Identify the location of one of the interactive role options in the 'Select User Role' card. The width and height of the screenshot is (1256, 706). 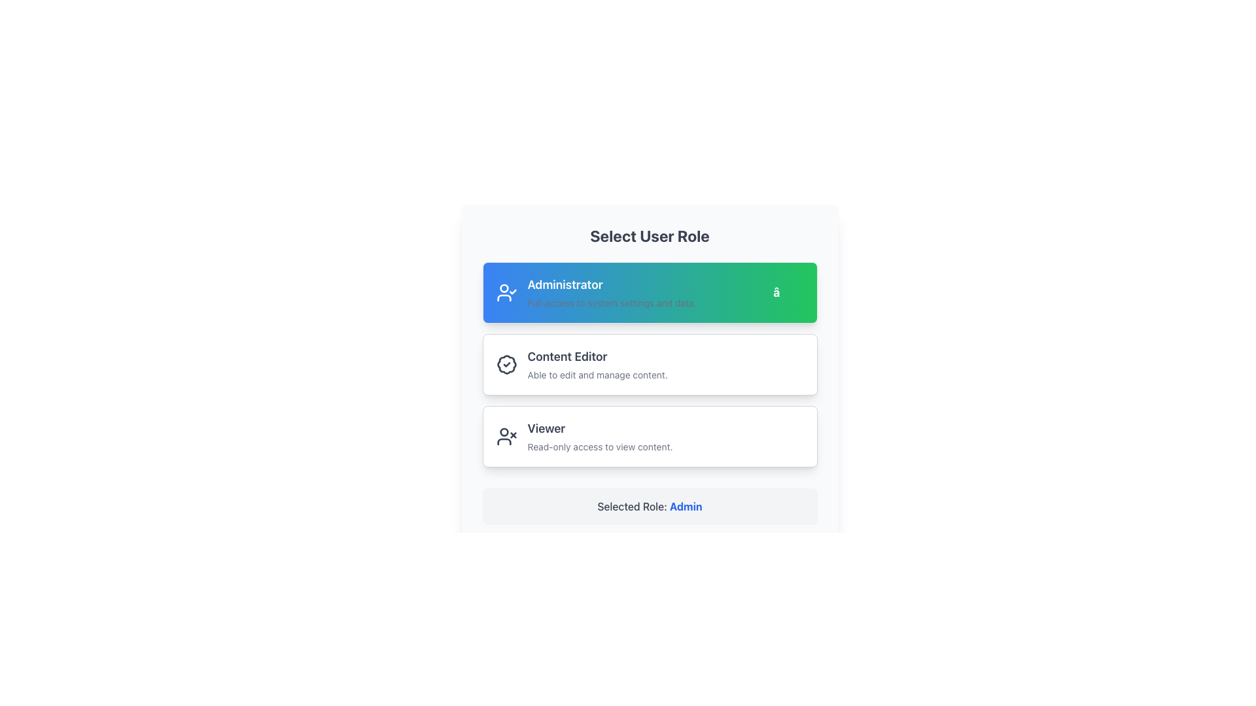
(650, 375).